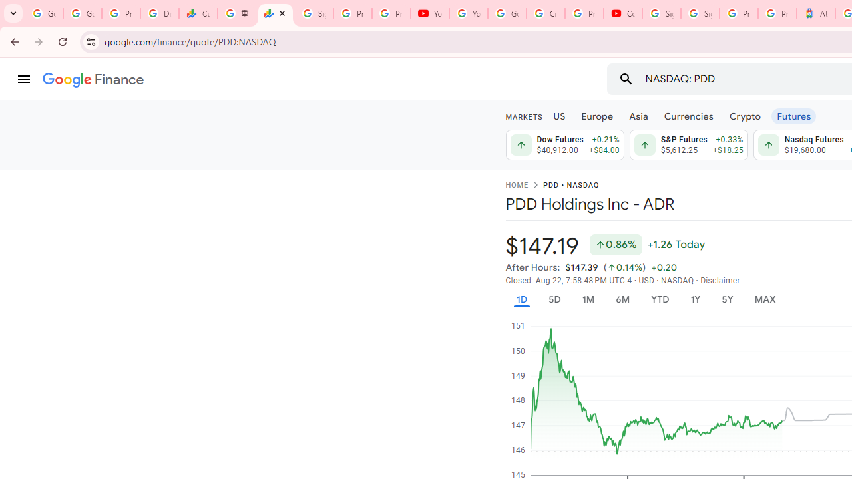 Image resolution: width=852 pixels, height=479 pixels. What do you see at coordinates (429, 13) in the screenshot?
I see `'YouTube'` at bounding box center [429, 13].